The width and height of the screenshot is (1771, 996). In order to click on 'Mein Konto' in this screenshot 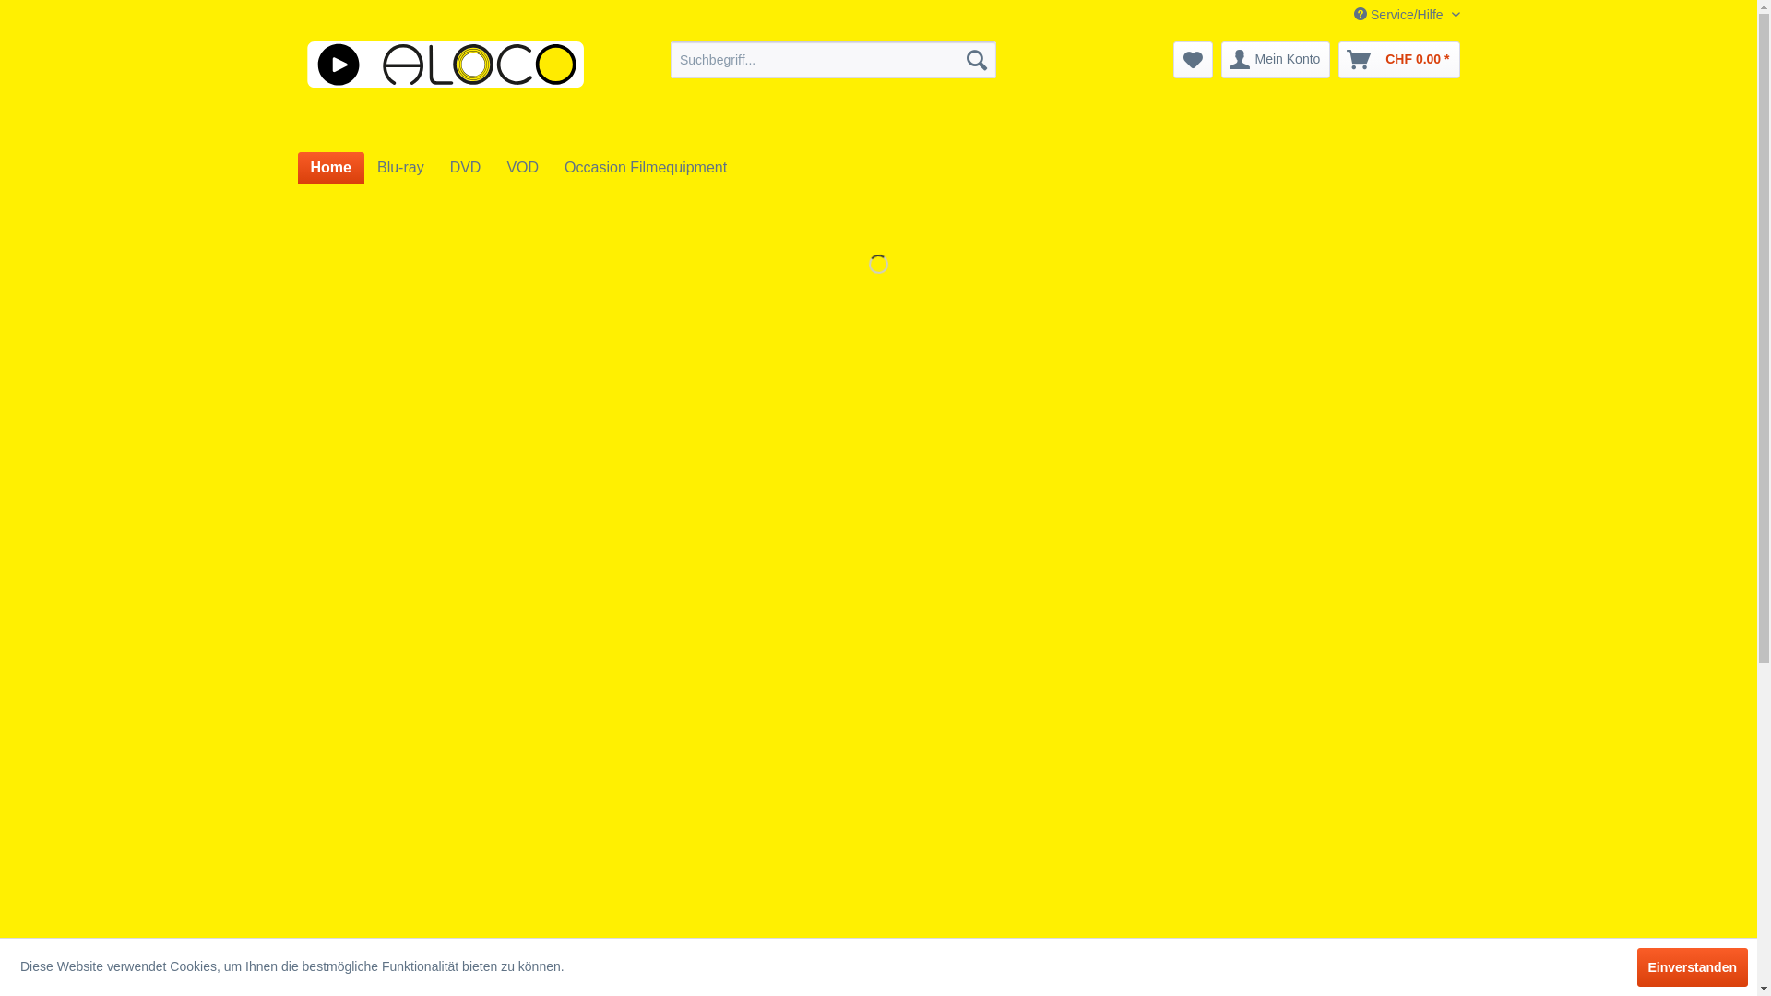, I will do `click(1275, 59)`.